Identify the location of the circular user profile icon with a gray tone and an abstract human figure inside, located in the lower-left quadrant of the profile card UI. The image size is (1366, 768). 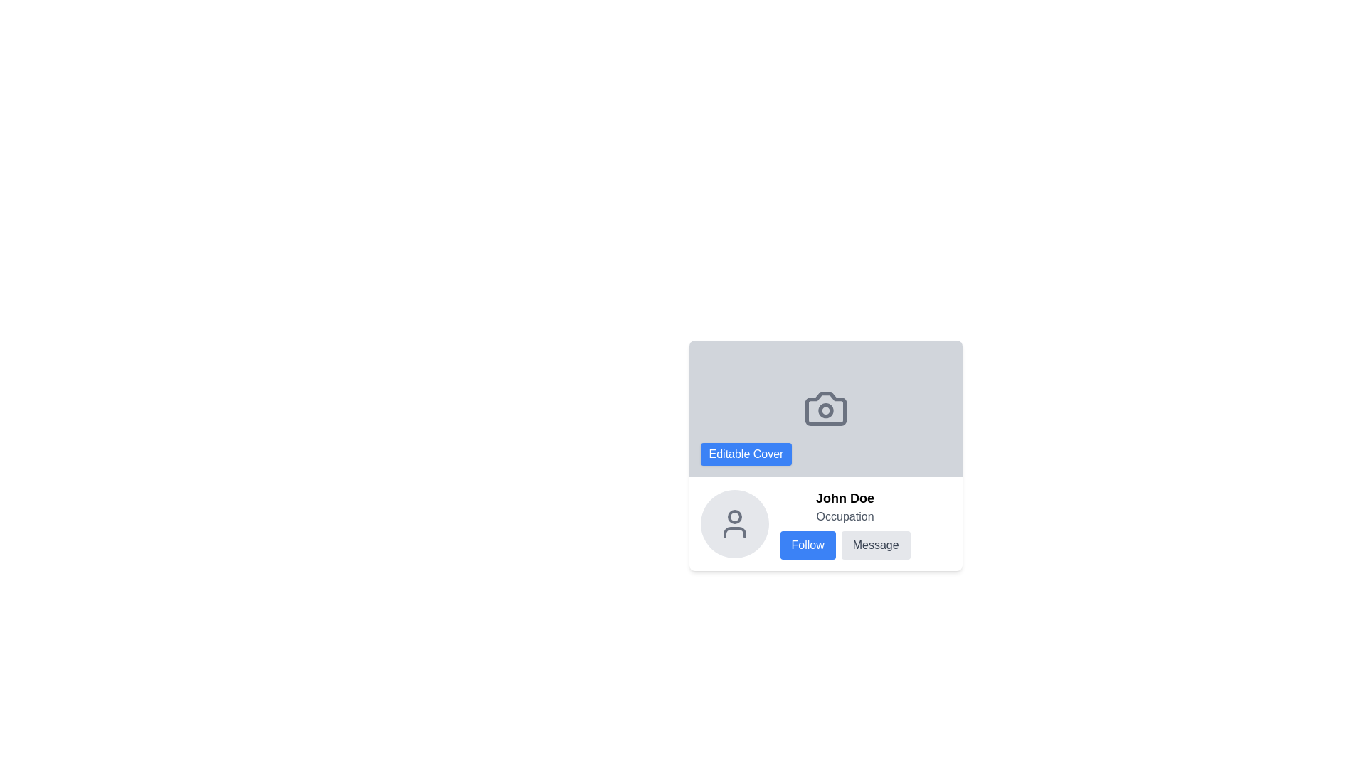
(734, 523).